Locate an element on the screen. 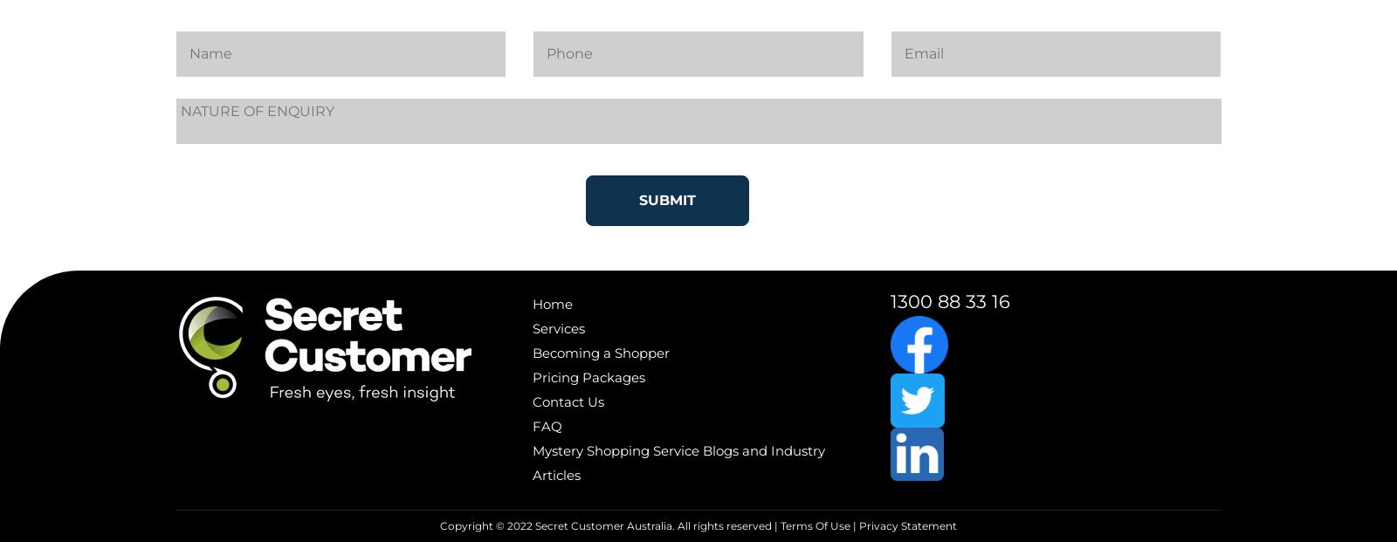 The image size is (1397, 542). 'Services' is located at coordinates (559, 327).